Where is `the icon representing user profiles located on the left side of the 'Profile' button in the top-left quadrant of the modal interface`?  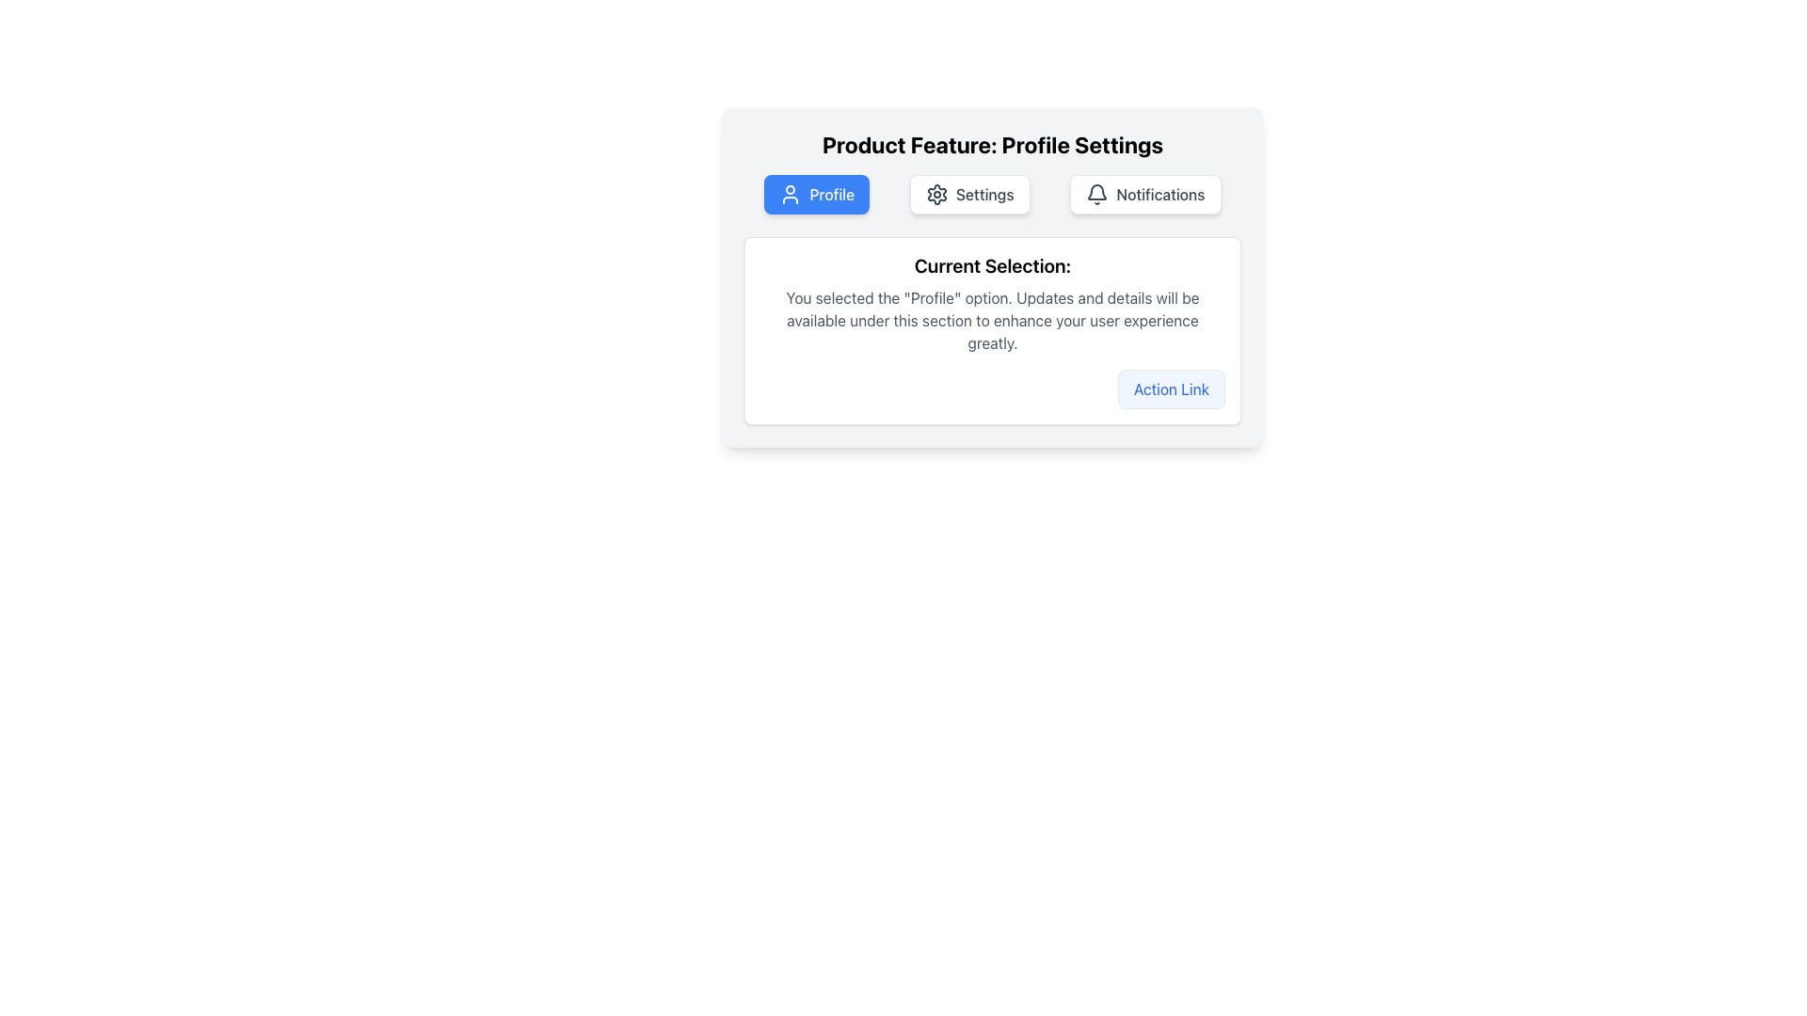
the icon representing user profiles located on the left side of the 'Profile' button in the top-left quadrant of the modal interface is located at coordinates (791, 195).